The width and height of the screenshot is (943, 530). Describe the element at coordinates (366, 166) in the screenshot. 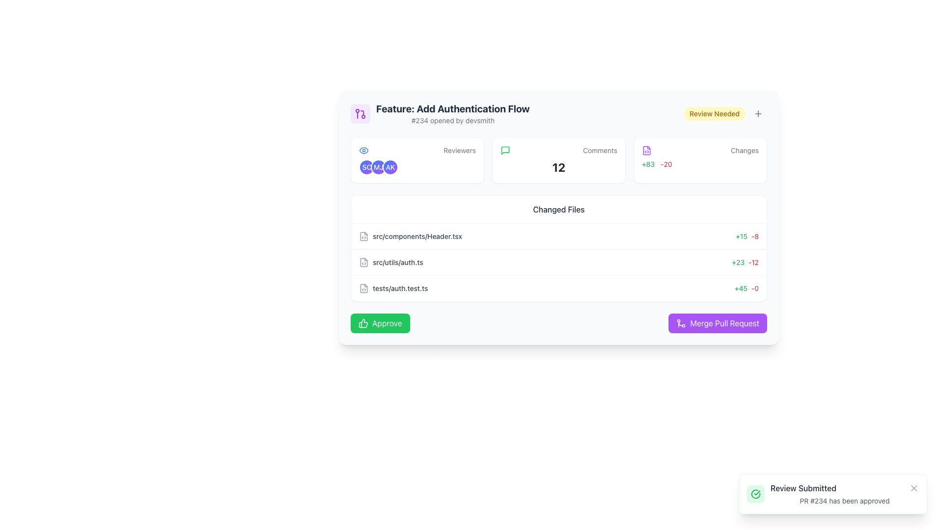

I see `the first badge avatar in the 'Reviewers' section, located in the upper-left portion of the main panel` at that location.